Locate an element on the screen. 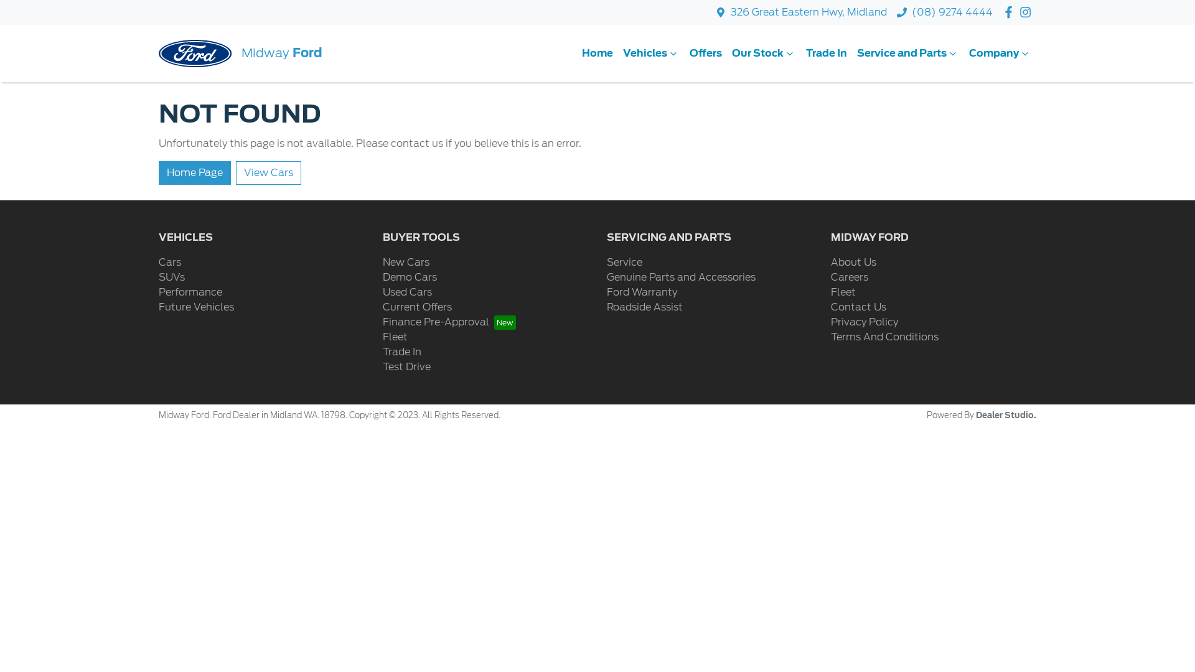 The height and width of the screenshot is (672, 1195). 'New Cars' is located at coordinates (382, 261).